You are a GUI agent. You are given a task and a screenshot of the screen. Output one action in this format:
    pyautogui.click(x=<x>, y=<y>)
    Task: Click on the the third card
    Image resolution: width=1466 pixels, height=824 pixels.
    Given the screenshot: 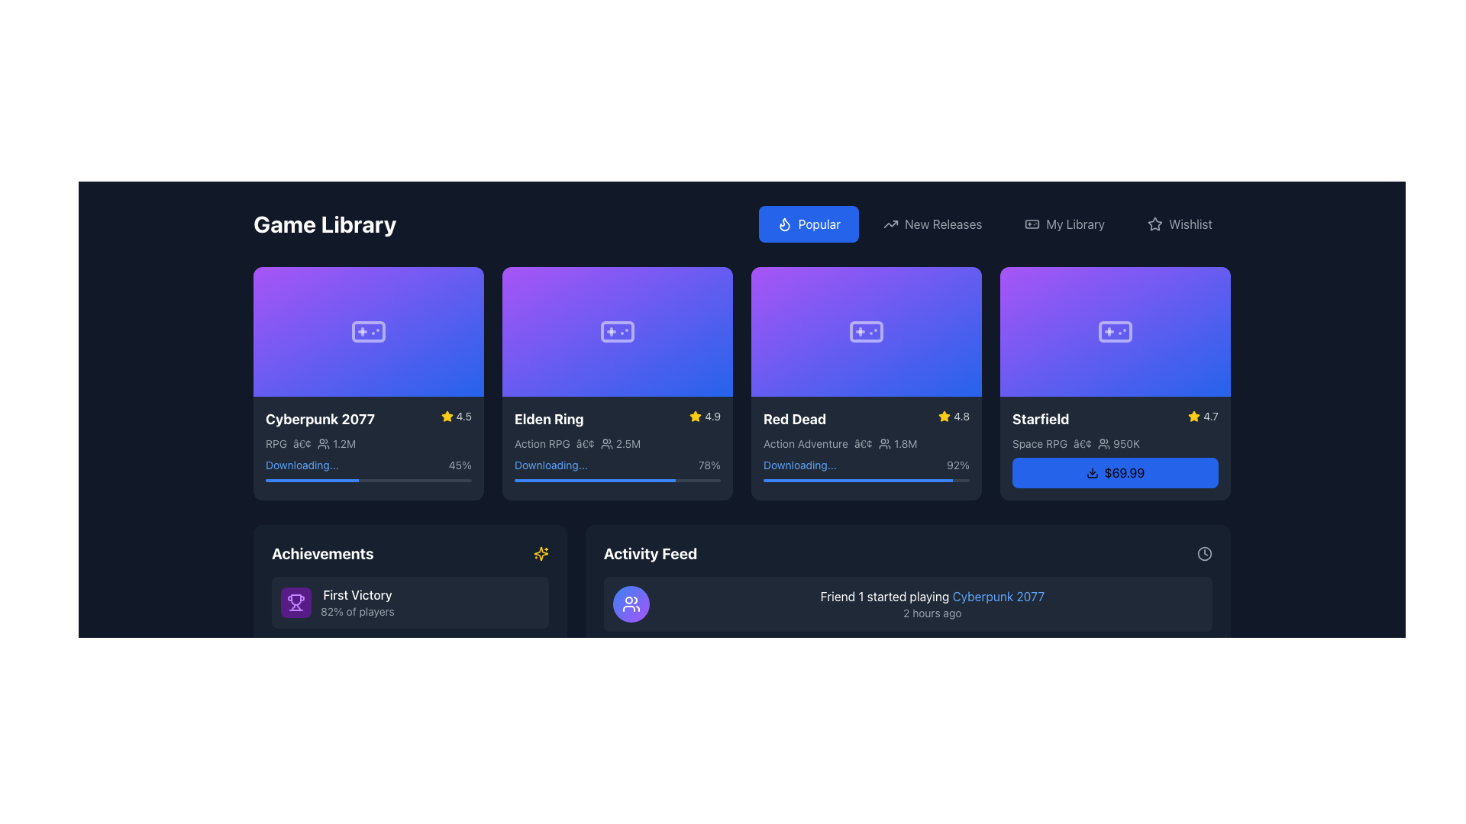 What is the action you would take?
    pyautogui.click(x=866, y=381)
    